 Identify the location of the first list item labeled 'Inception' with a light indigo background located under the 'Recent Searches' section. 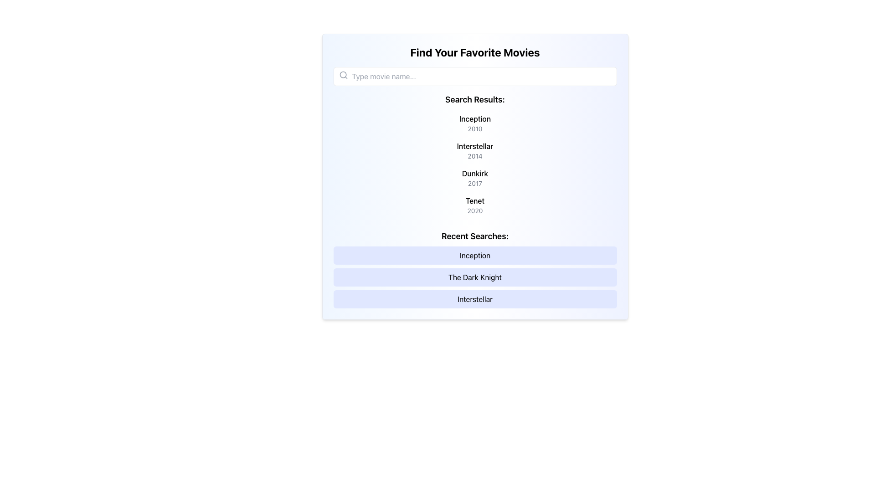
(474, 255).